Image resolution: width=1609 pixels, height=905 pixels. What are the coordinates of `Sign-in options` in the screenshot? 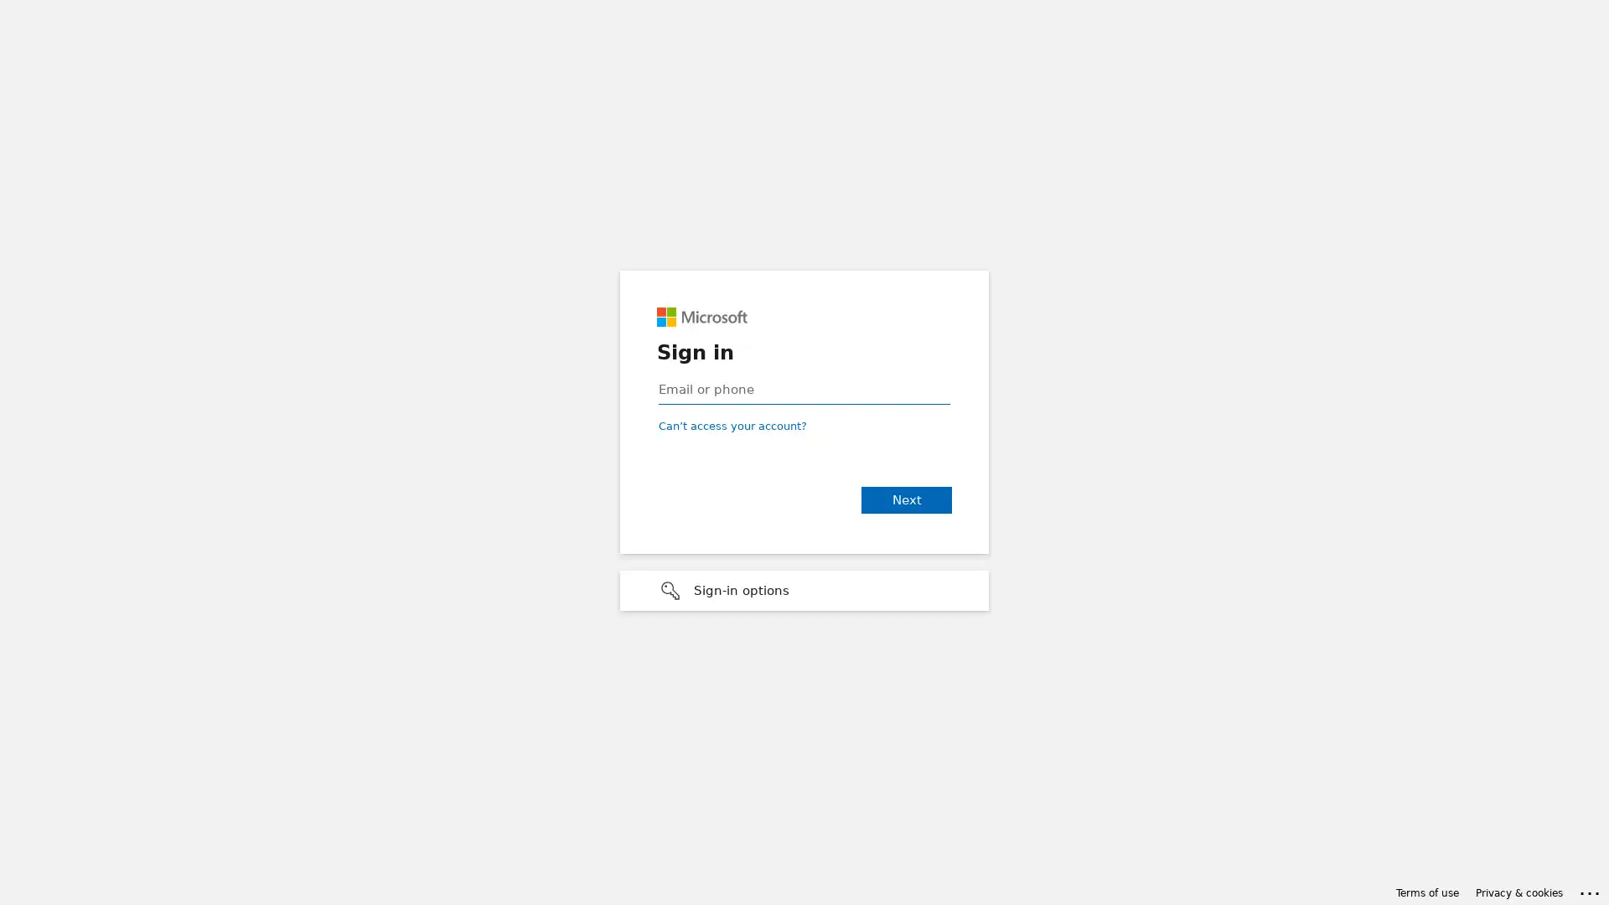 It's located at (804, 590).